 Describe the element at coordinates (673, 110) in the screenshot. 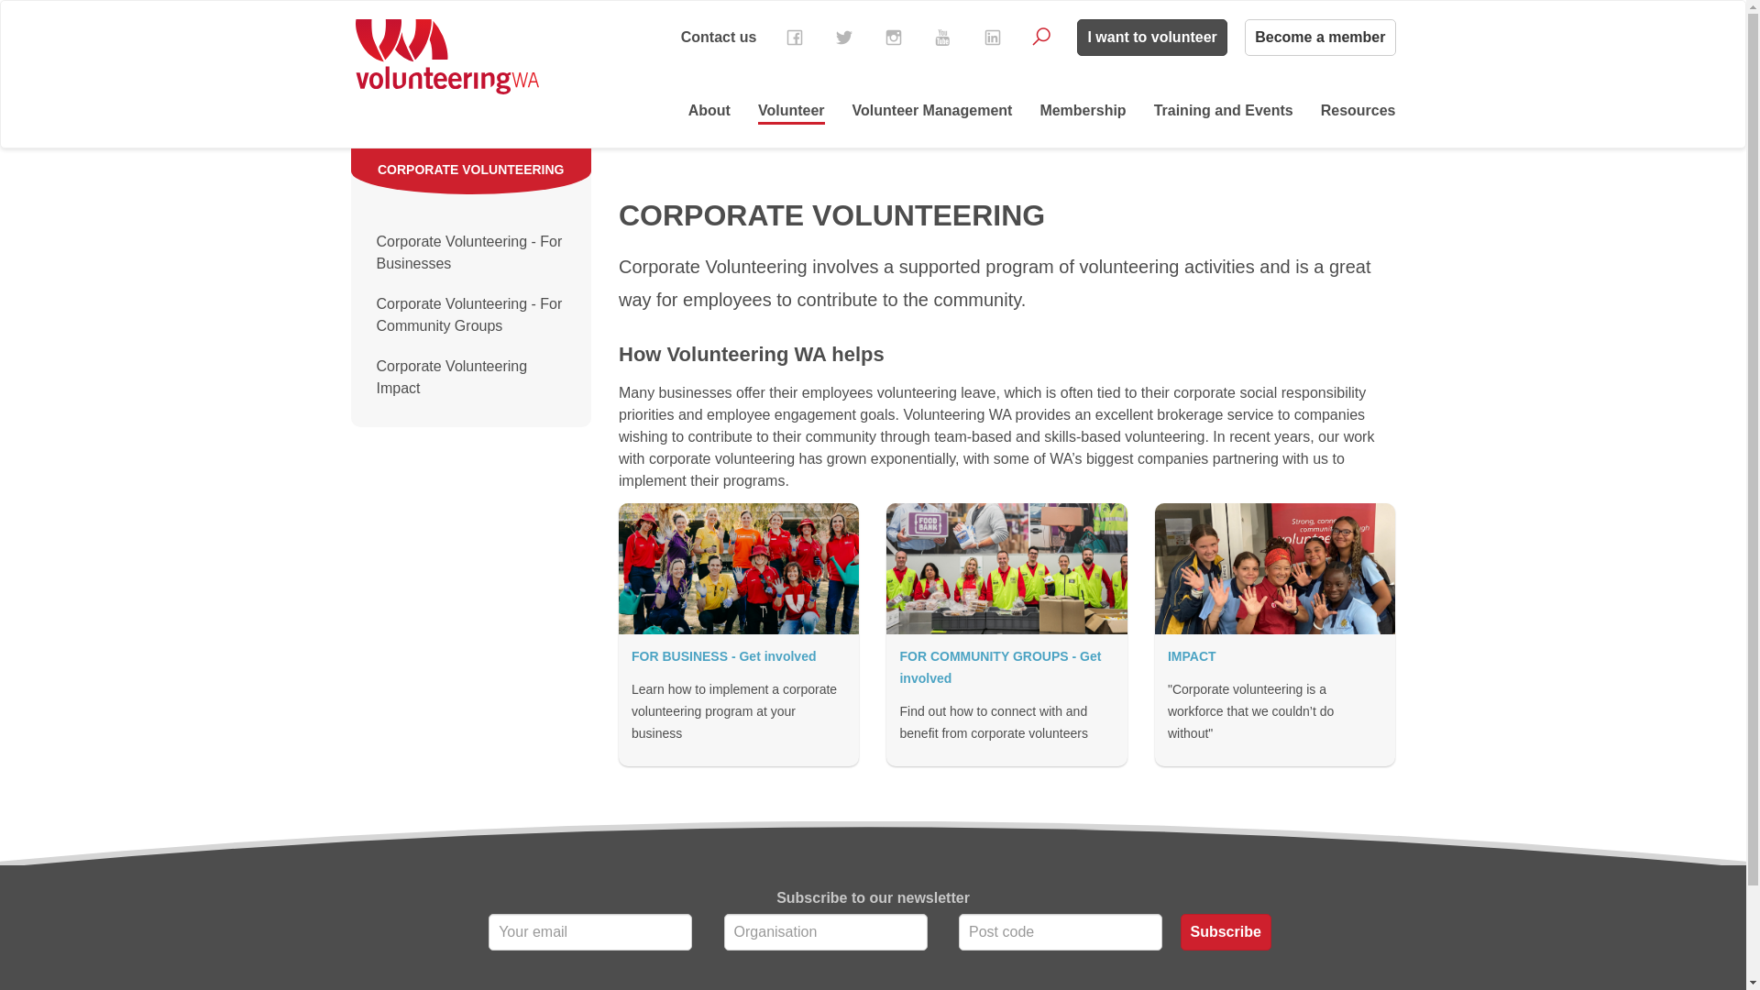

I see `'About'` at that location.